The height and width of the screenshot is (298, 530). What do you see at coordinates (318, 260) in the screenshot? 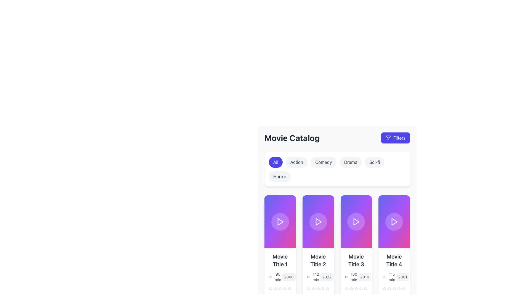
I see `text content of the Text Label displaying 'Movie Title 2', which is located in the second card layout below the movie's thumbnail image` at bounding box center [318, 260].